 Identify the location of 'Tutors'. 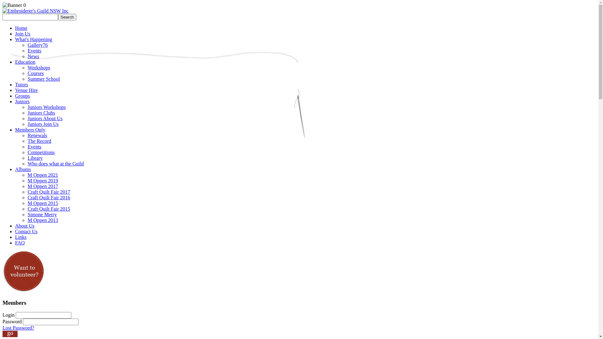
(21, 84).